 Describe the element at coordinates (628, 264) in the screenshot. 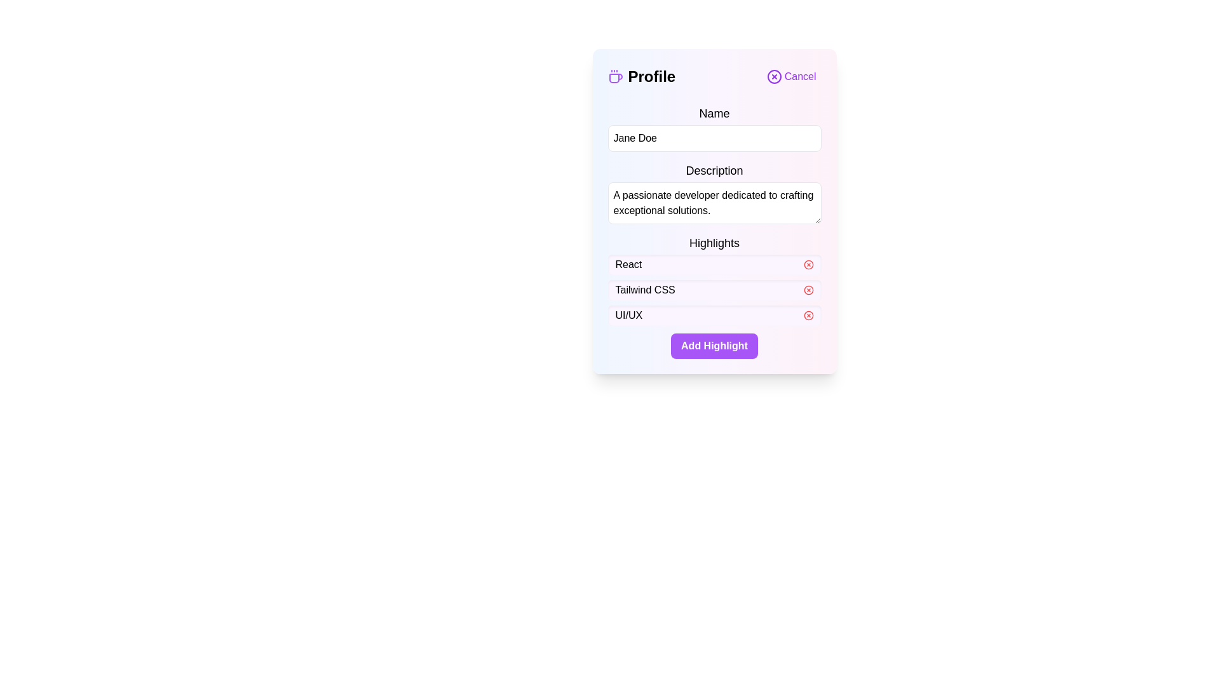

I see `the 'React' label in the 'Highlights' section of the form, which serves as a descriptor for a specific skill` at that location.